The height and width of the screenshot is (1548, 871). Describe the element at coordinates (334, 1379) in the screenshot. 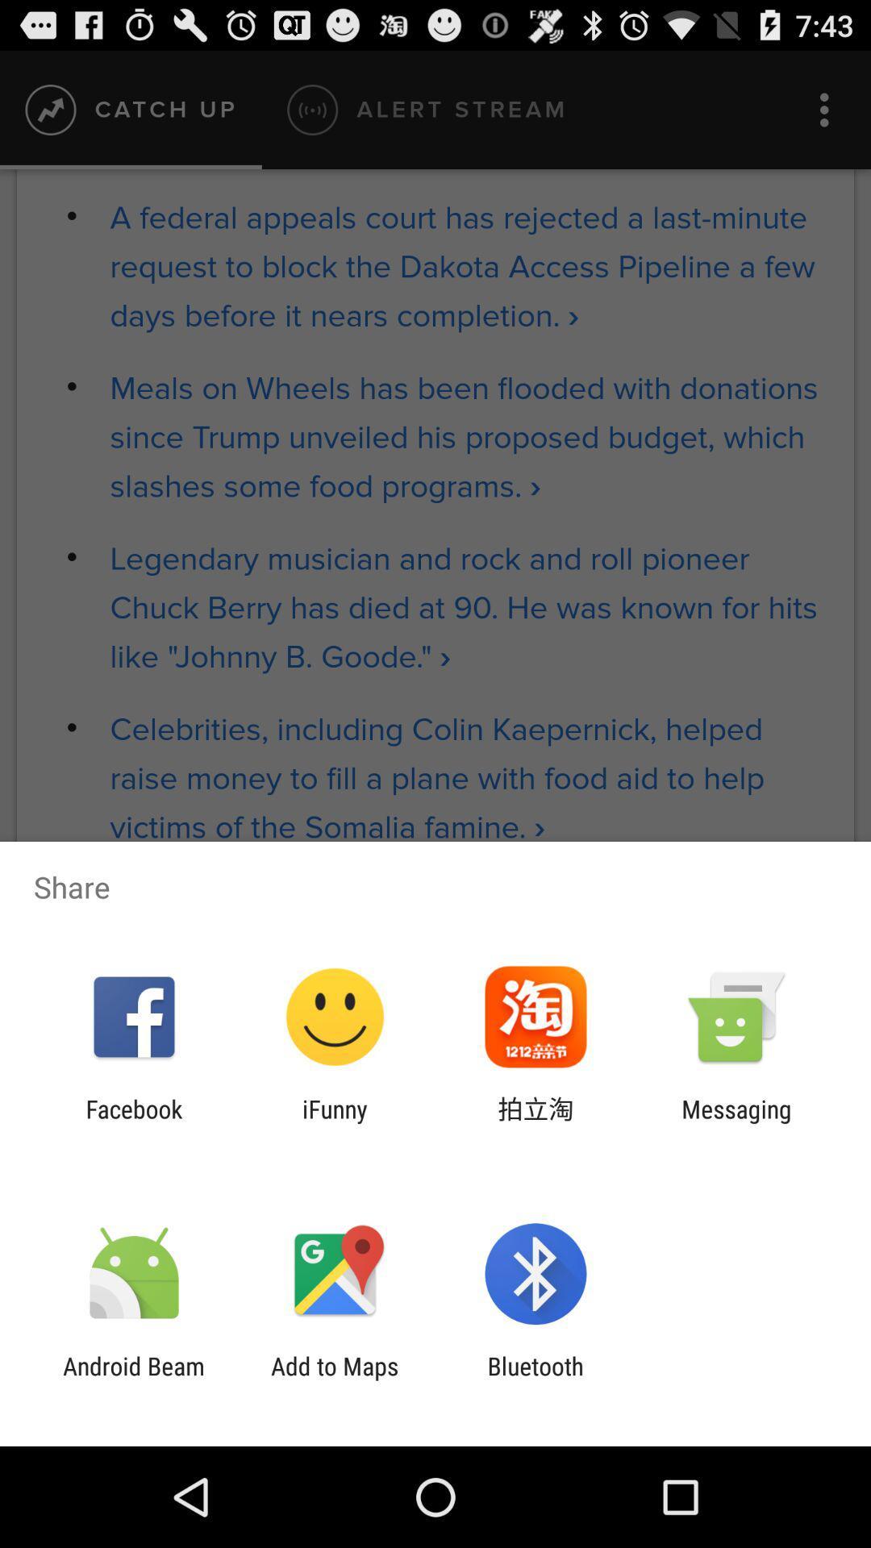

I see `add to maps icon` at that location.